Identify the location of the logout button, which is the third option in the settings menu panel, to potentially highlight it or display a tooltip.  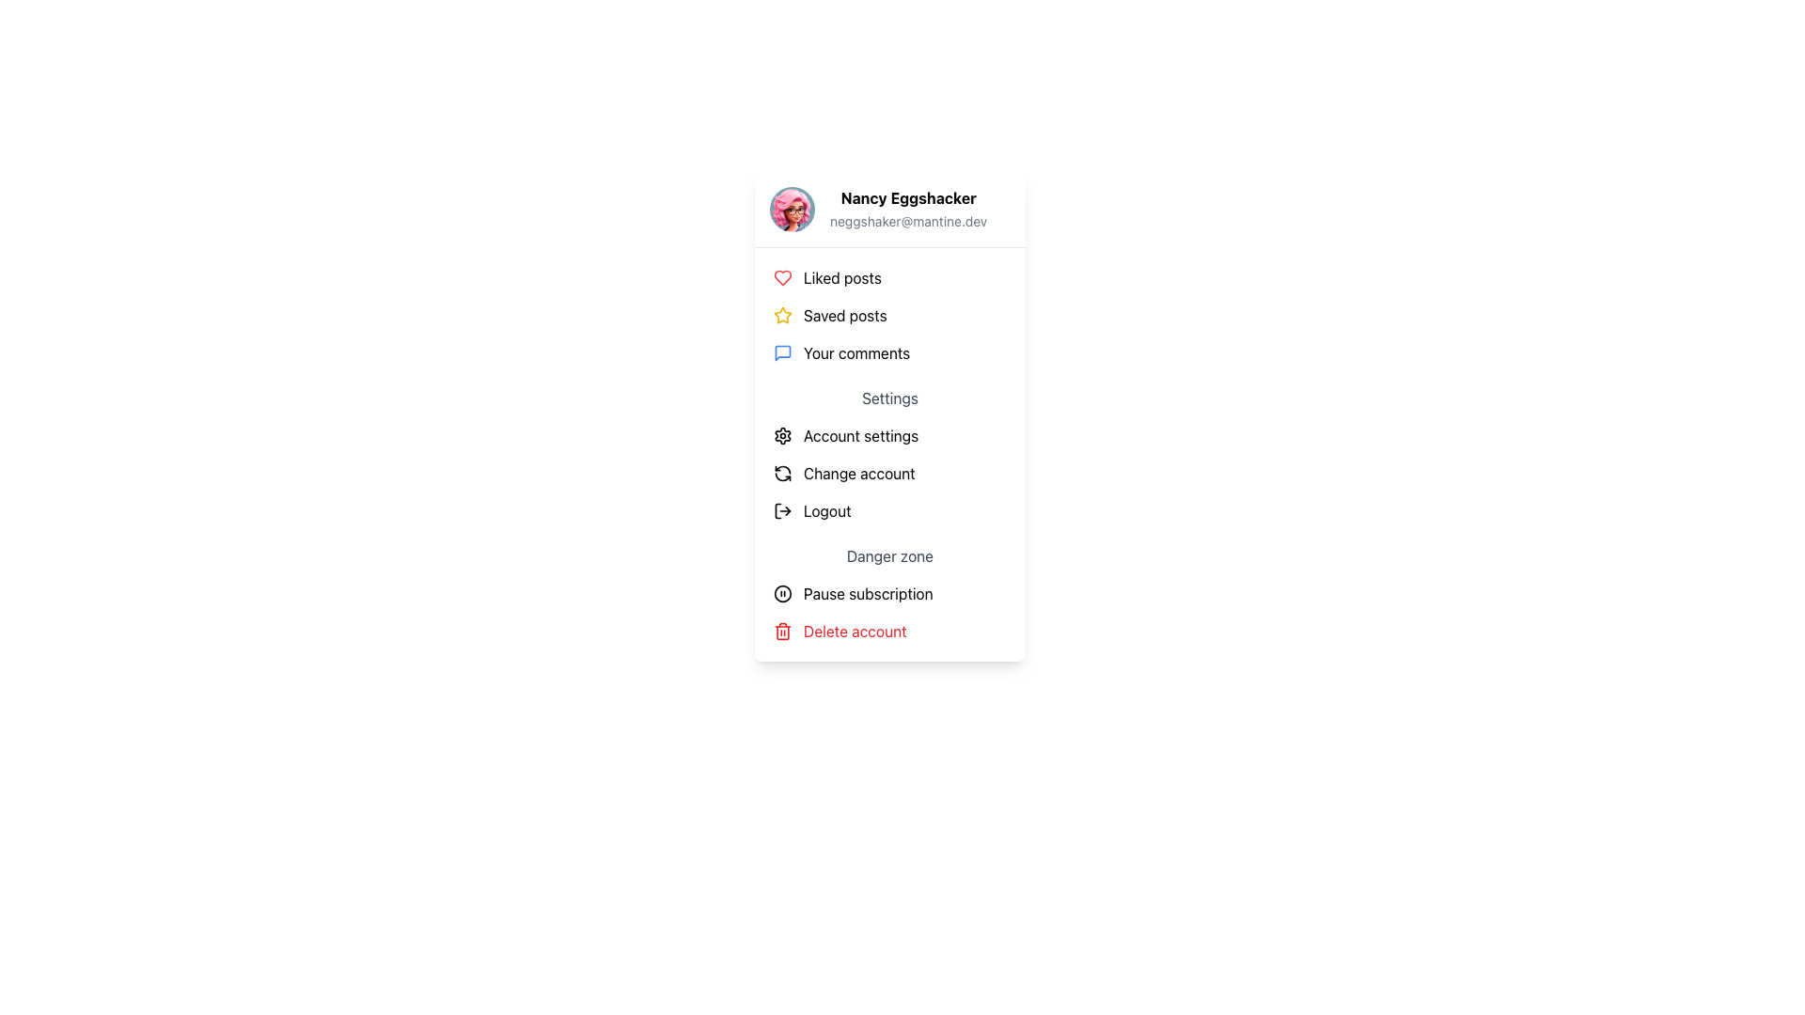
(888, 510).